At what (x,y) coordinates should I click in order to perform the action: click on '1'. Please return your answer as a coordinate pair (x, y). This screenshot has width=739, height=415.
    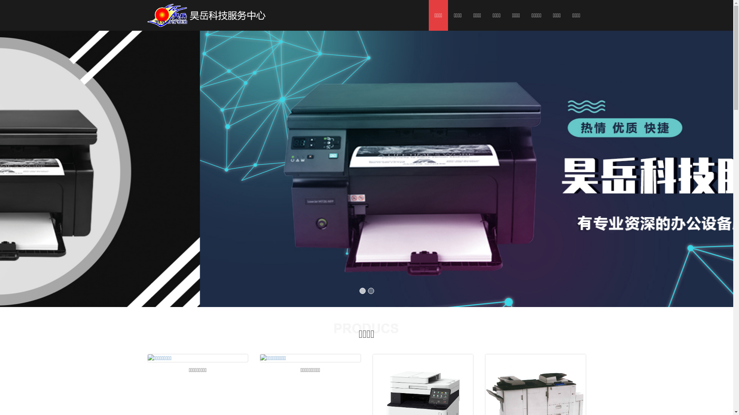
    Looking at the image, I should click on (359, 290).